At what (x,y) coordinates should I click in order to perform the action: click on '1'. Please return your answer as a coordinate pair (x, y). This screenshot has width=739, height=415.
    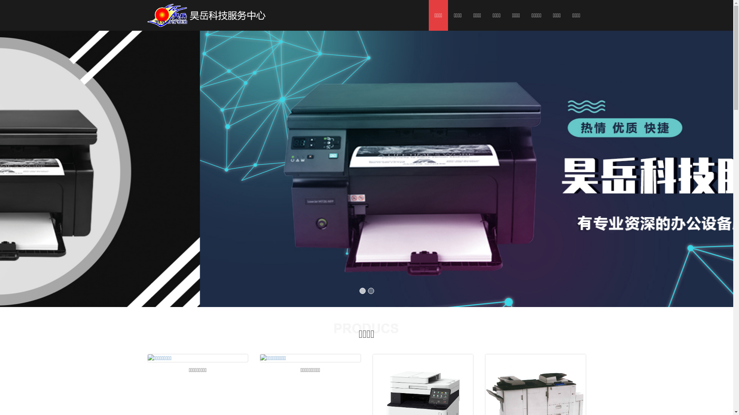
    Looking at the image, I should click on (359, 290).